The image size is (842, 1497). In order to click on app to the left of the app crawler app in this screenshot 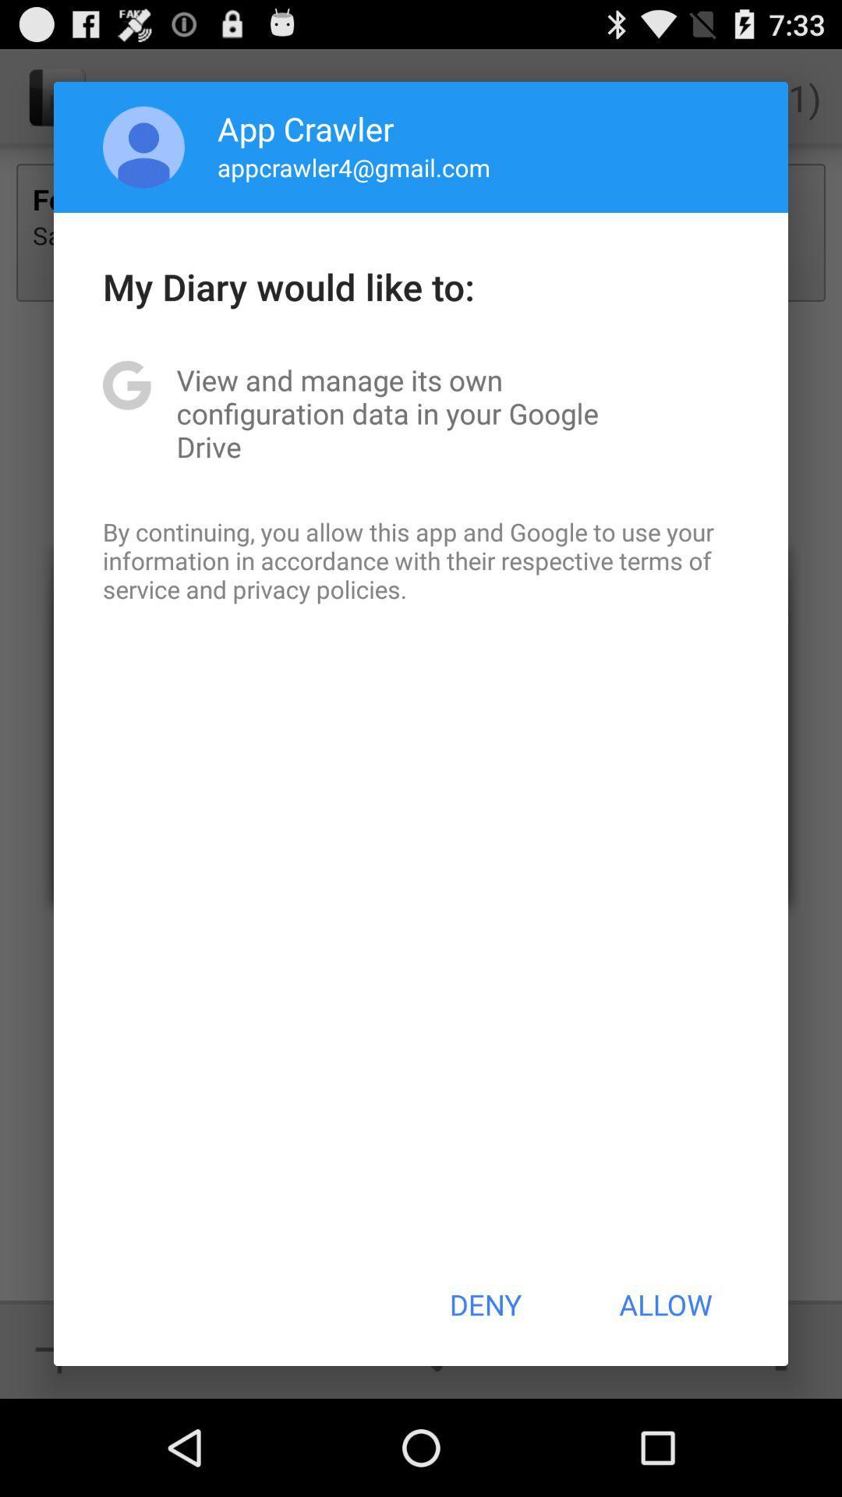, I will do `click(143, 147)`.